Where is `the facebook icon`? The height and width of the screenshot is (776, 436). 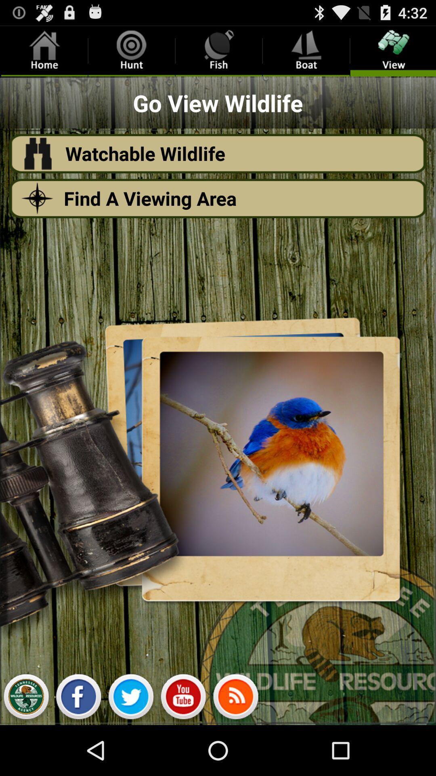 the facebook icon is located at coordinates (78, 747).